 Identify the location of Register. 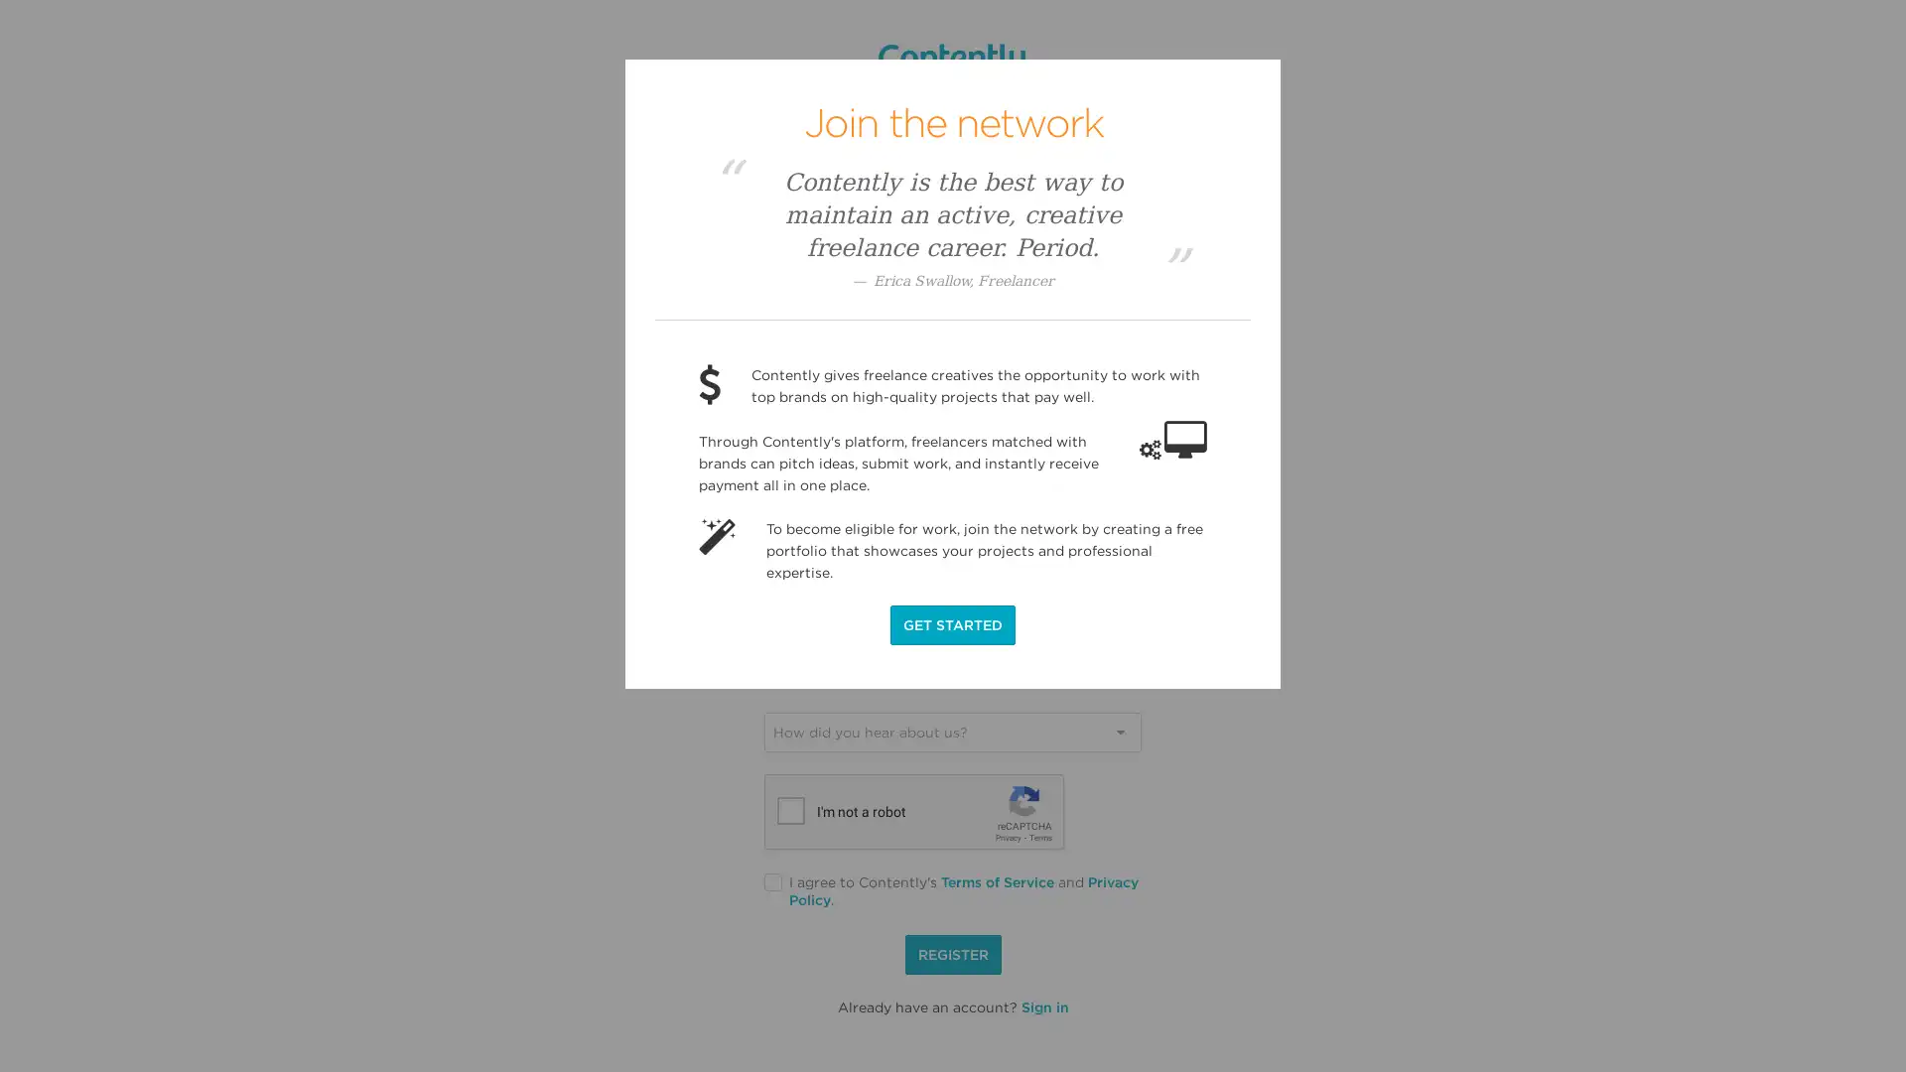
(951, 953).